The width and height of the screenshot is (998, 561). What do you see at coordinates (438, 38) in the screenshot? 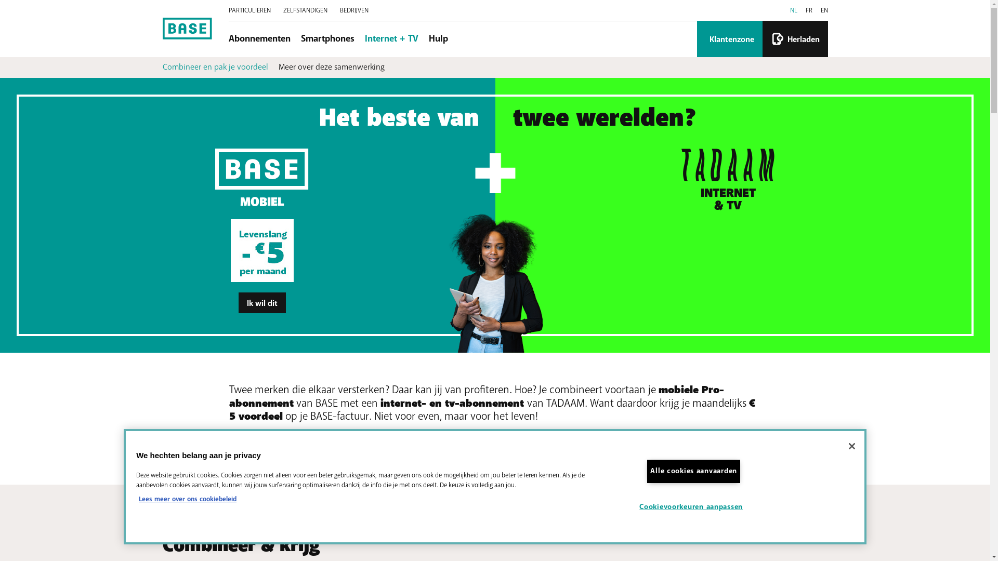
I see `'Hulp'` at bounding box center [438, 38].